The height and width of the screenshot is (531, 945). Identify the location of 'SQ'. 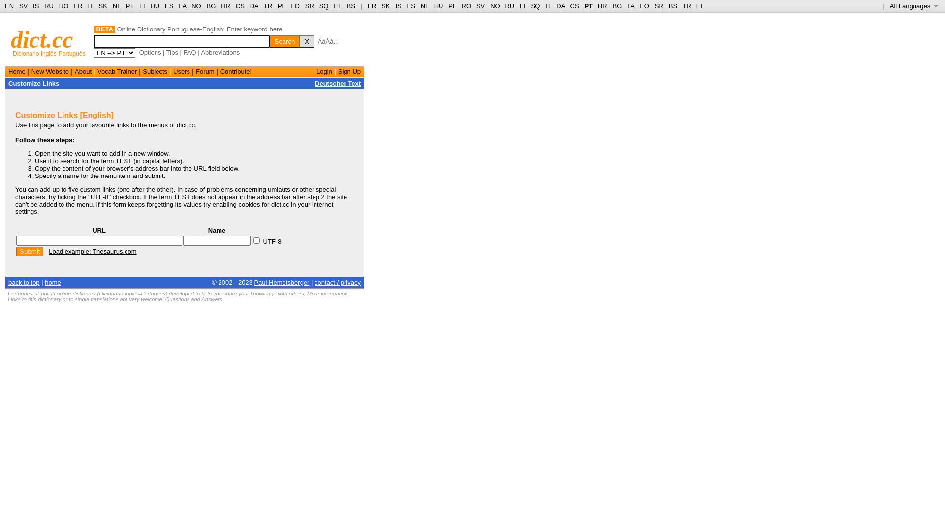
(319, 6).